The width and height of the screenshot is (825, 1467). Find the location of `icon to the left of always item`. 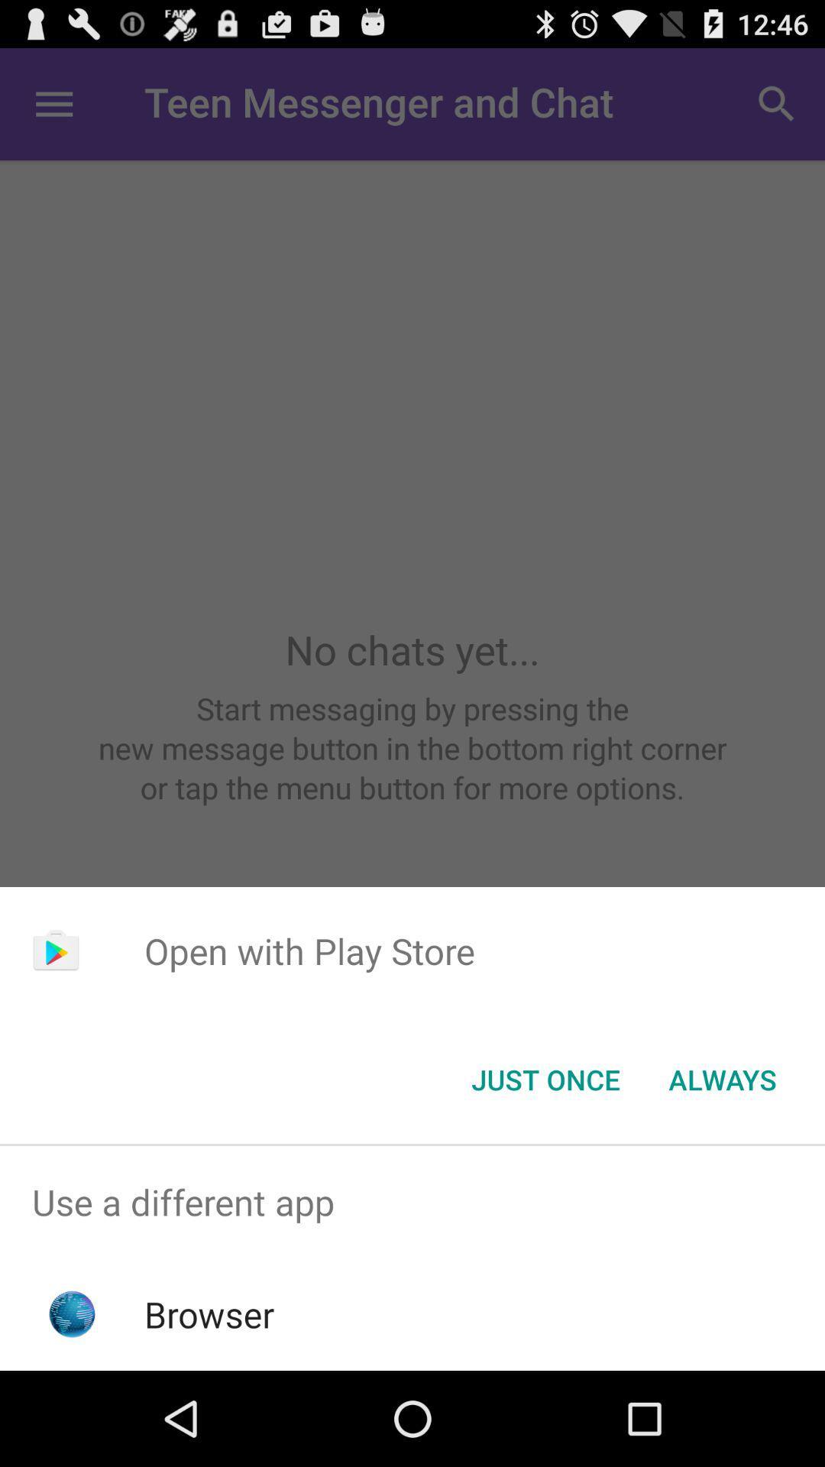

icon to the left of always item is located at coordinates (545, 1078).